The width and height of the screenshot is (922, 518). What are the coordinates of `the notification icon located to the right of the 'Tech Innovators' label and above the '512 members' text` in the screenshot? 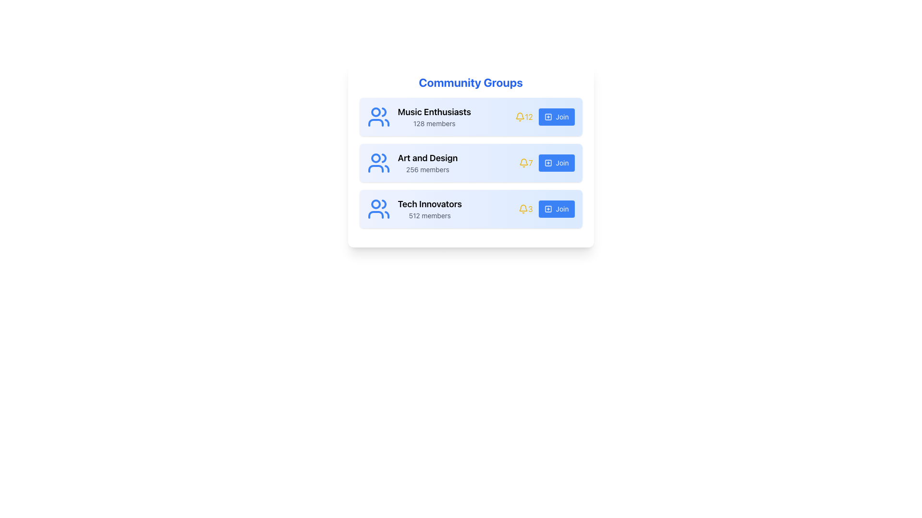 It's located at (522, 208).